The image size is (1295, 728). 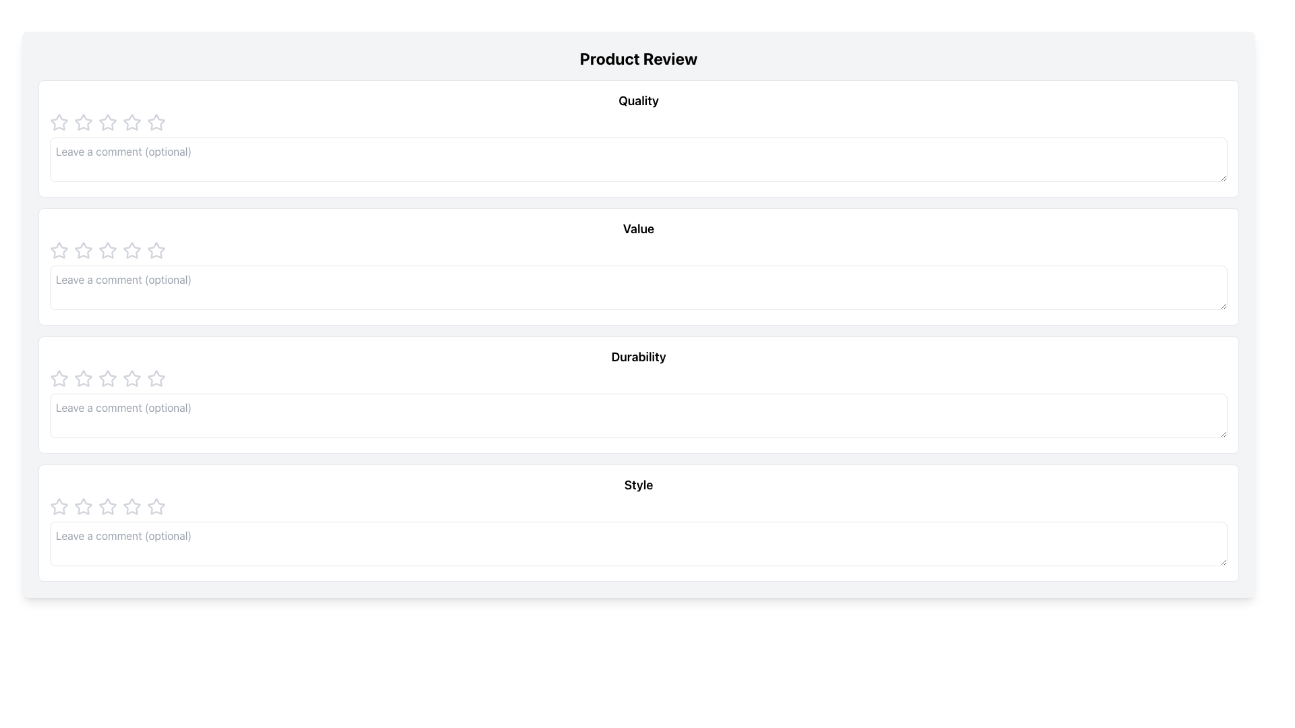 I want to click on the first star icon in the rating mechanism to indicate a rating for the 'Value' parameter, so click(x=57, y=249).